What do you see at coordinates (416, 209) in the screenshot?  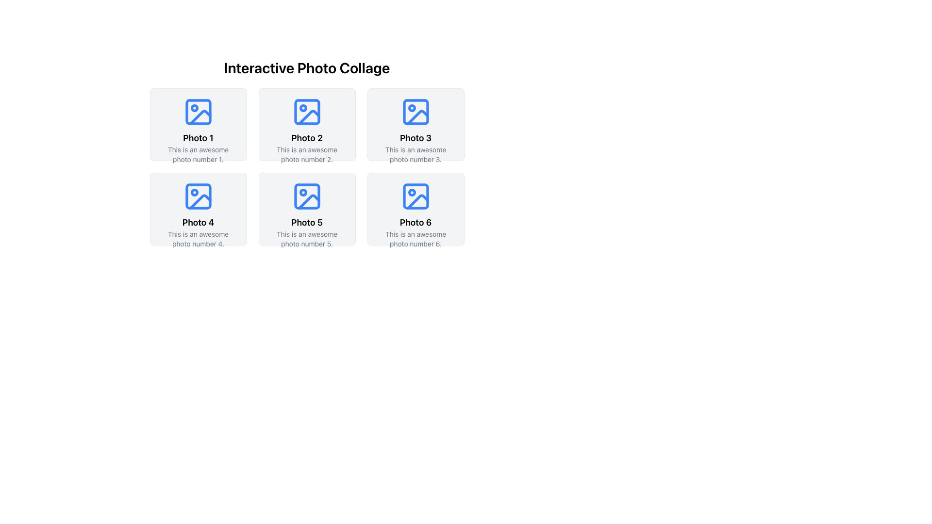 I see `the card component with a blue image icon and the title 'Photo 6'` at bounding box center [416, 209].